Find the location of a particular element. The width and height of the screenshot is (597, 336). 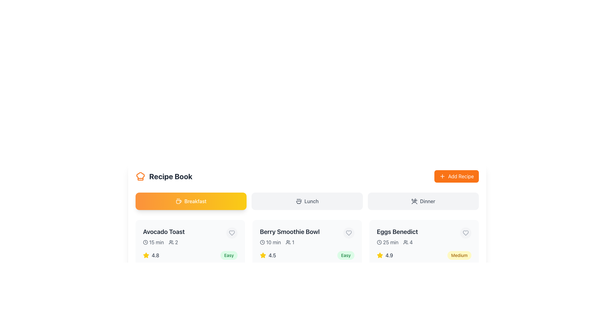

information contained in the 'Eggs Benedict' recipe card, which includes the title, preparation time, and servings is located at coordinates (397, 236).